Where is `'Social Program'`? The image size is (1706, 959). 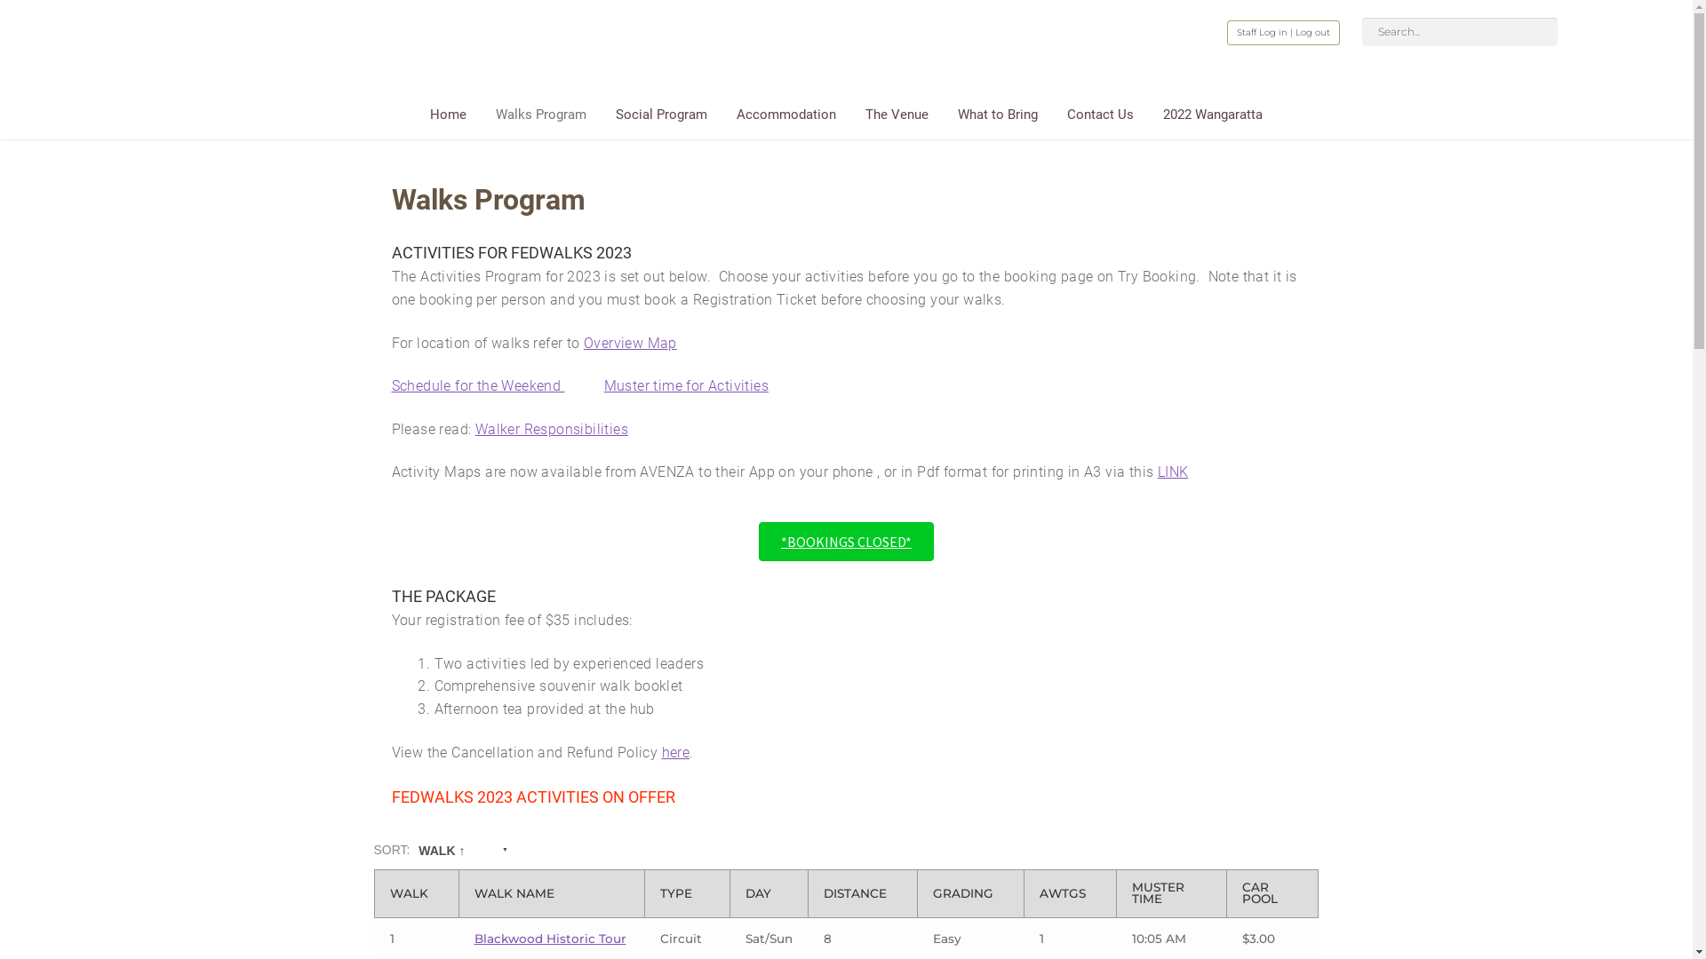 'Social Program' is located at coordinates (660, 119).